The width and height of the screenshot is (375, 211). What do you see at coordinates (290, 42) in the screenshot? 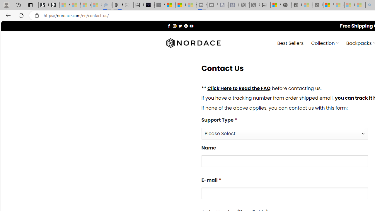
I see `'  Best Sellers'` at bounding box center [290, 42].